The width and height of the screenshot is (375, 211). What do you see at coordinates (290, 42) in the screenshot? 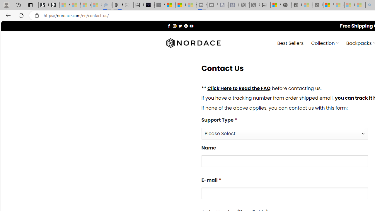
I see `'  Best Sellers'` at bounding box center [290, 42].